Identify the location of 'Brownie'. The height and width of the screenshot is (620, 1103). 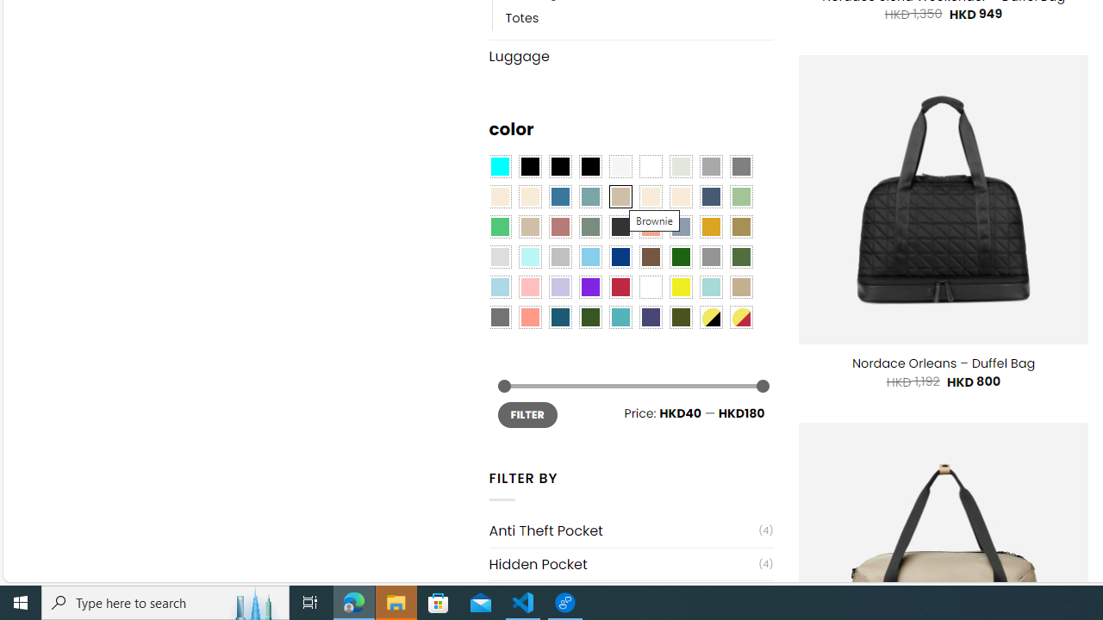
(620, 195).